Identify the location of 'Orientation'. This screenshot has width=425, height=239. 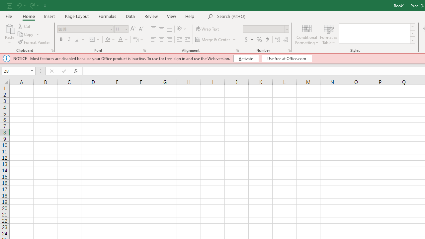
(182, 29).